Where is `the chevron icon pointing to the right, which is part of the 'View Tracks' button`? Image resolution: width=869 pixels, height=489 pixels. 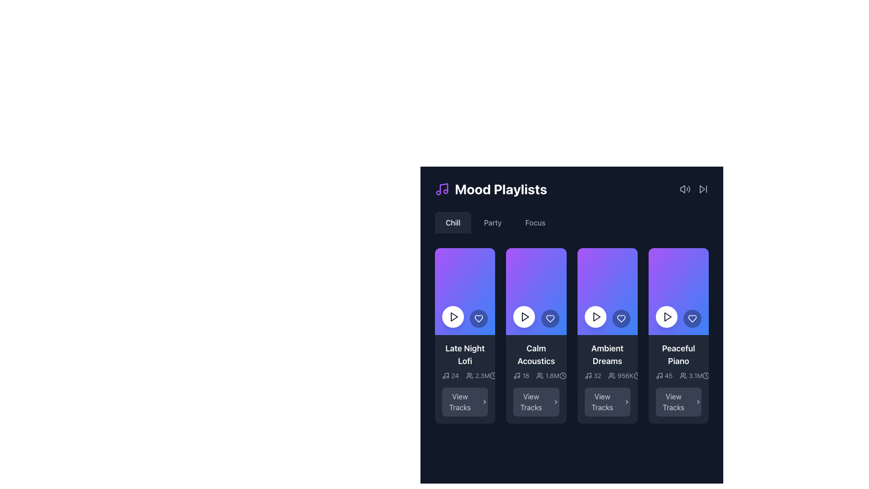
the chevron icon pointing to the right, which is part of the 'View Tracks' button is located at coordinates (555, 401).